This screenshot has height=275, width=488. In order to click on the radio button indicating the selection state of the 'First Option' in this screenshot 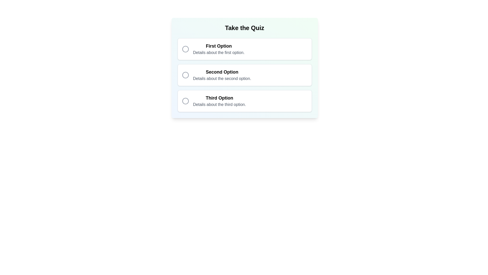, I will do `click(185, 49)`.